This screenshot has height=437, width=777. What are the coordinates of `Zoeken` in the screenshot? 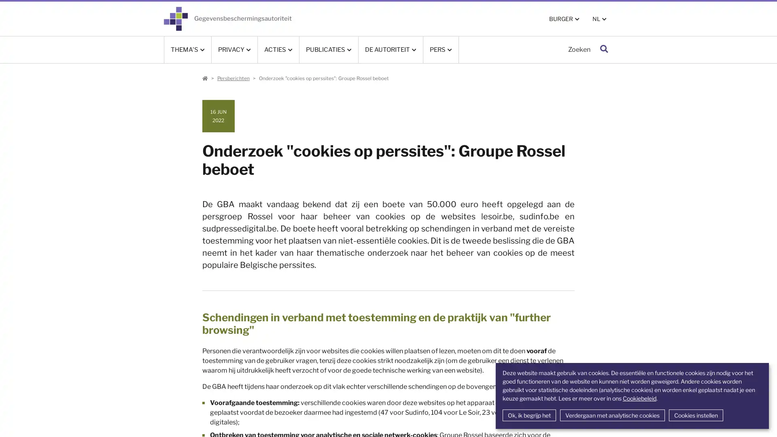 It's located at (604, 49).